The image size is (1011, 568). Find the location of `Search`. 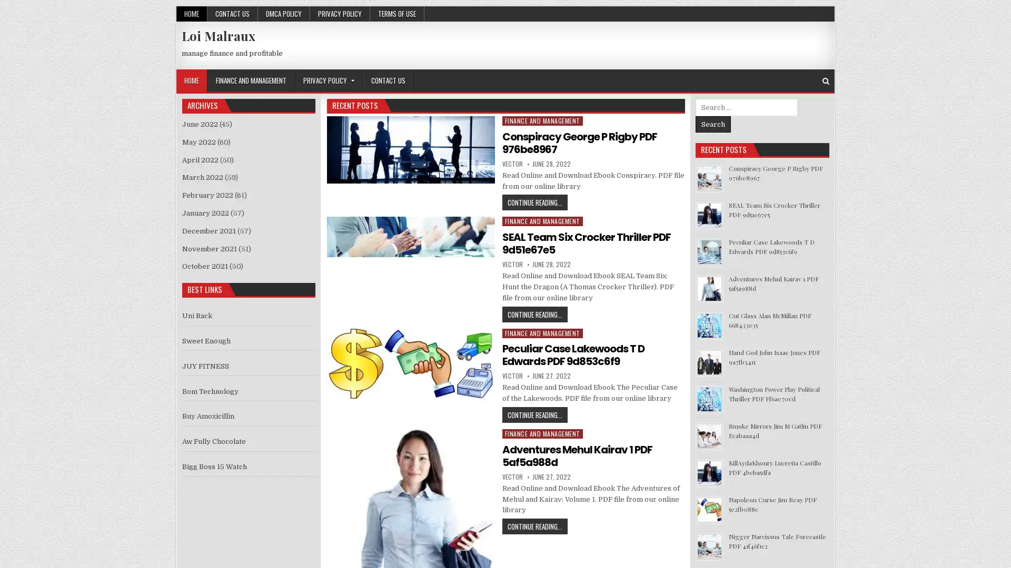

Search is located at coordinates (713, 124).